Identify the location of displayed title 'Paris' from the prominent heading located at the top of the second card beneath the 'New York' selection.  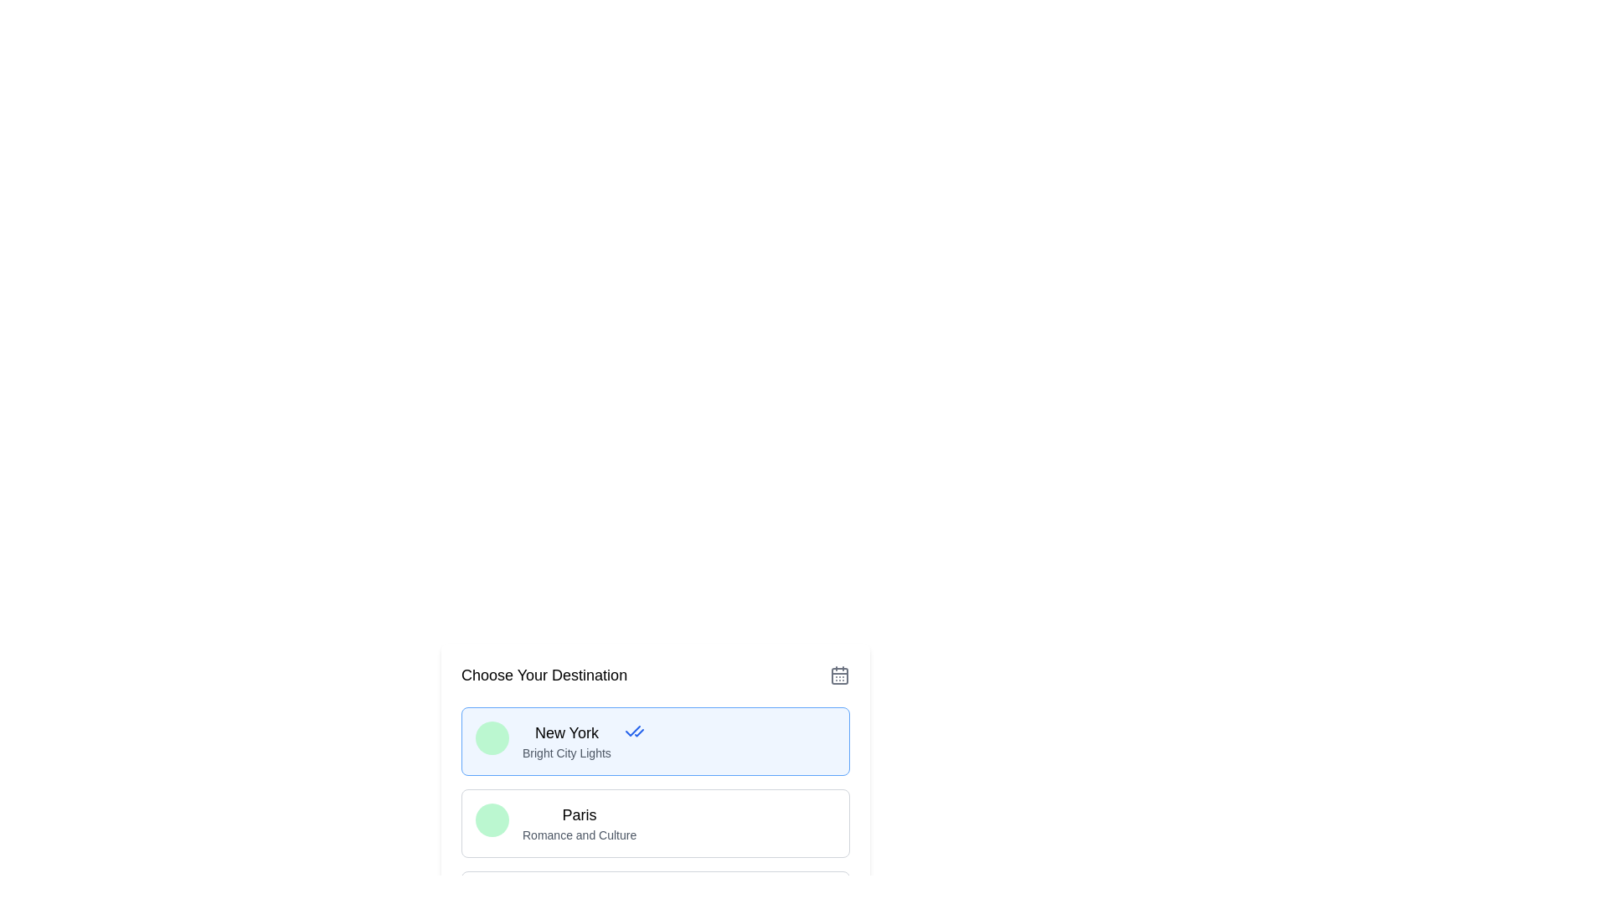
(580, 814).